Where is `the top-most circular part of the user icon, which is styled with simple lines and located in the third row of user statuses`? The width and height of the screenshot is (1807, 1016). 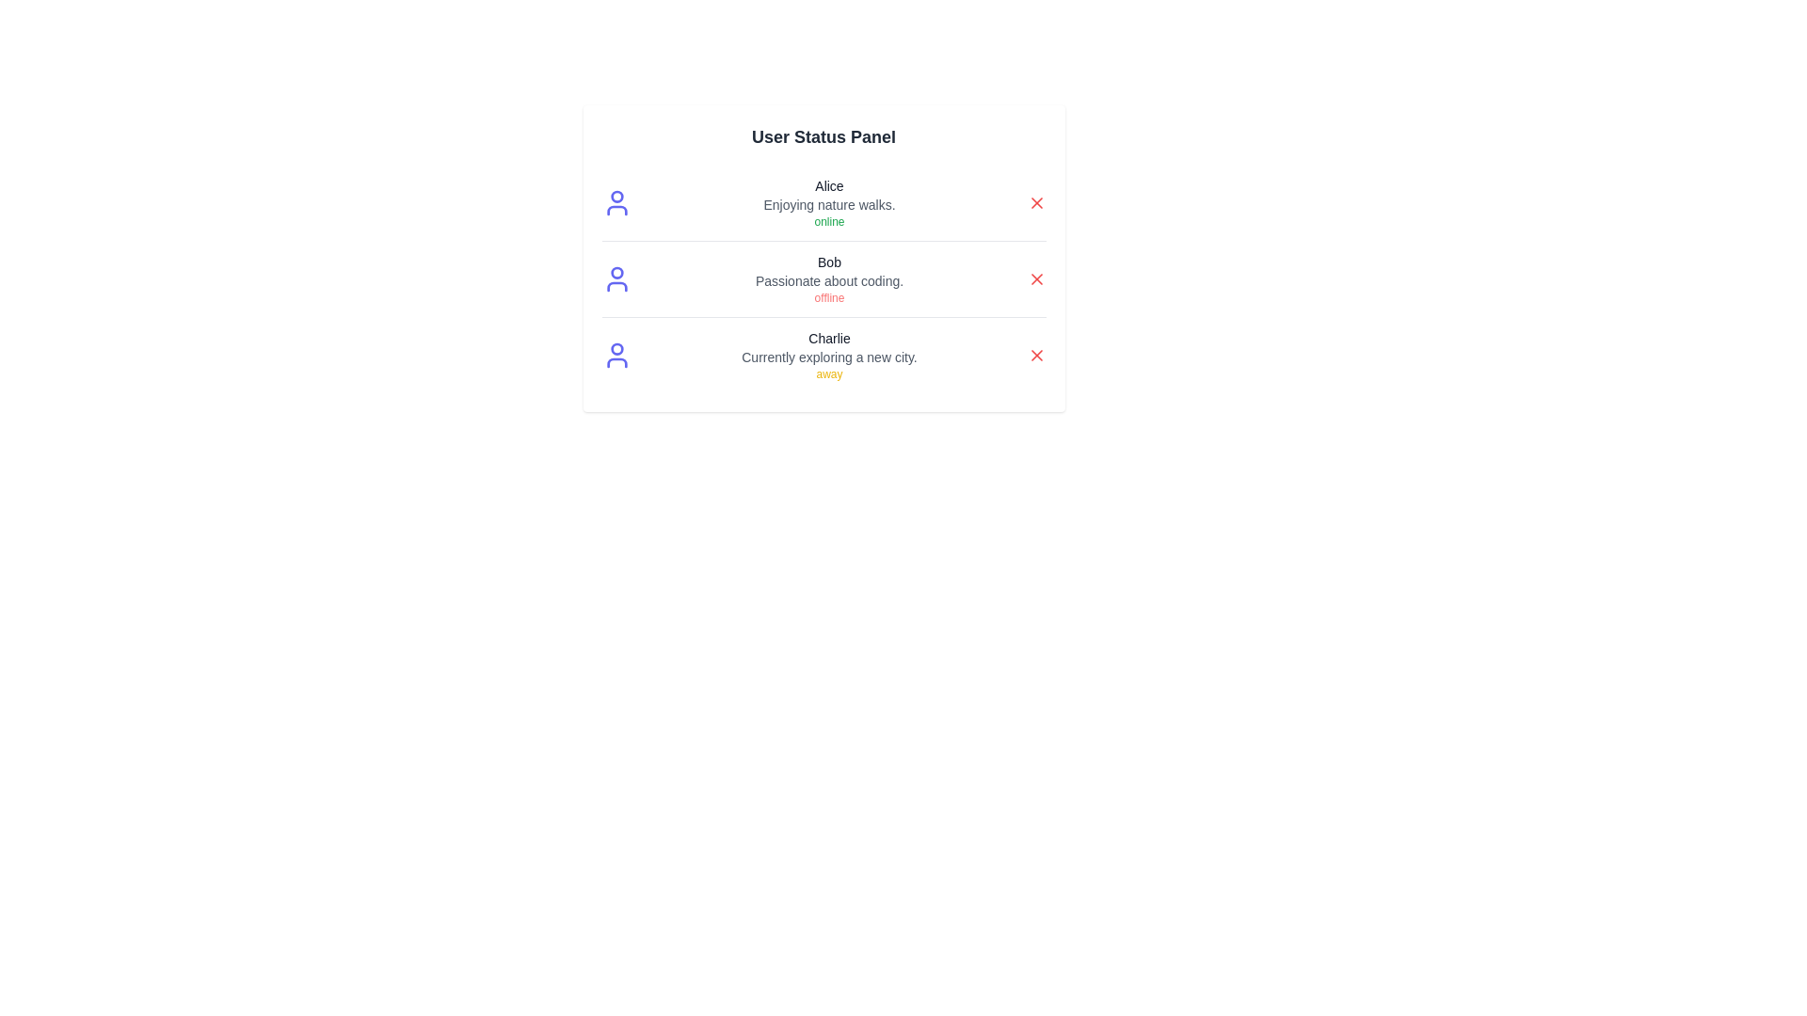
the top-most circular part of the user icon, which is styled with simple lines and located in the third row of user statuses is located at coordinates (616, 349).